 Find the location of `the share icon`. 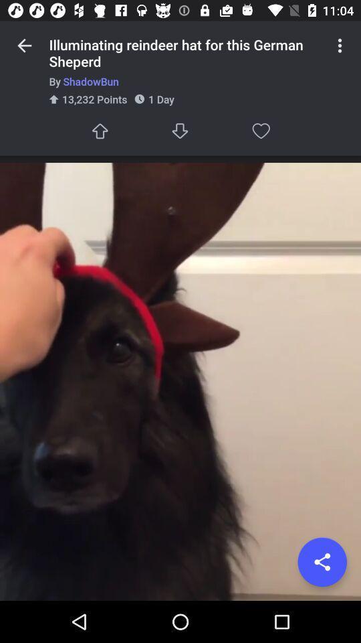

the share icon is located at coordinates (322, 562).